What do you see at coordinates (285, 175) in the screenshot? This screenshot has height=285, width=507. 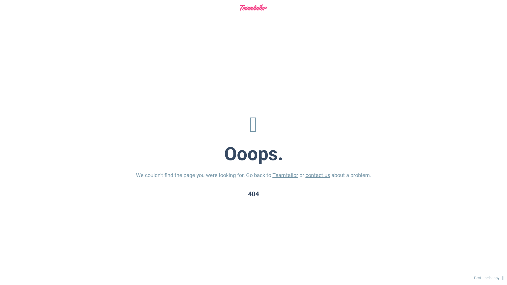 I see `'Teamtailor'` at bounding box center [285, 175].